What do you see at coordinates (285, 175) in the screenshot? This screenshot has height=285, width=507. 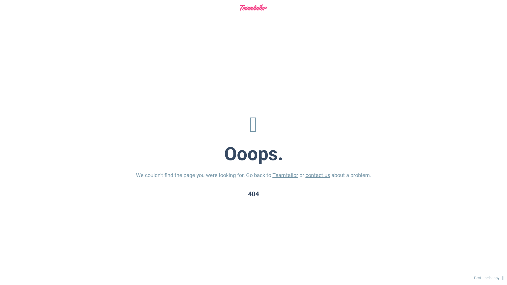 I see `'Teamtailor'` at bounding box center [285, 175].